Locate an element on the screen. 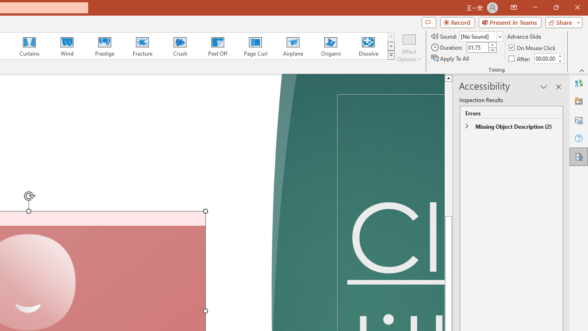 The width and height of the screenshot is (588, 331). 'Task Pane Options' is located at coordinates (544, 87).